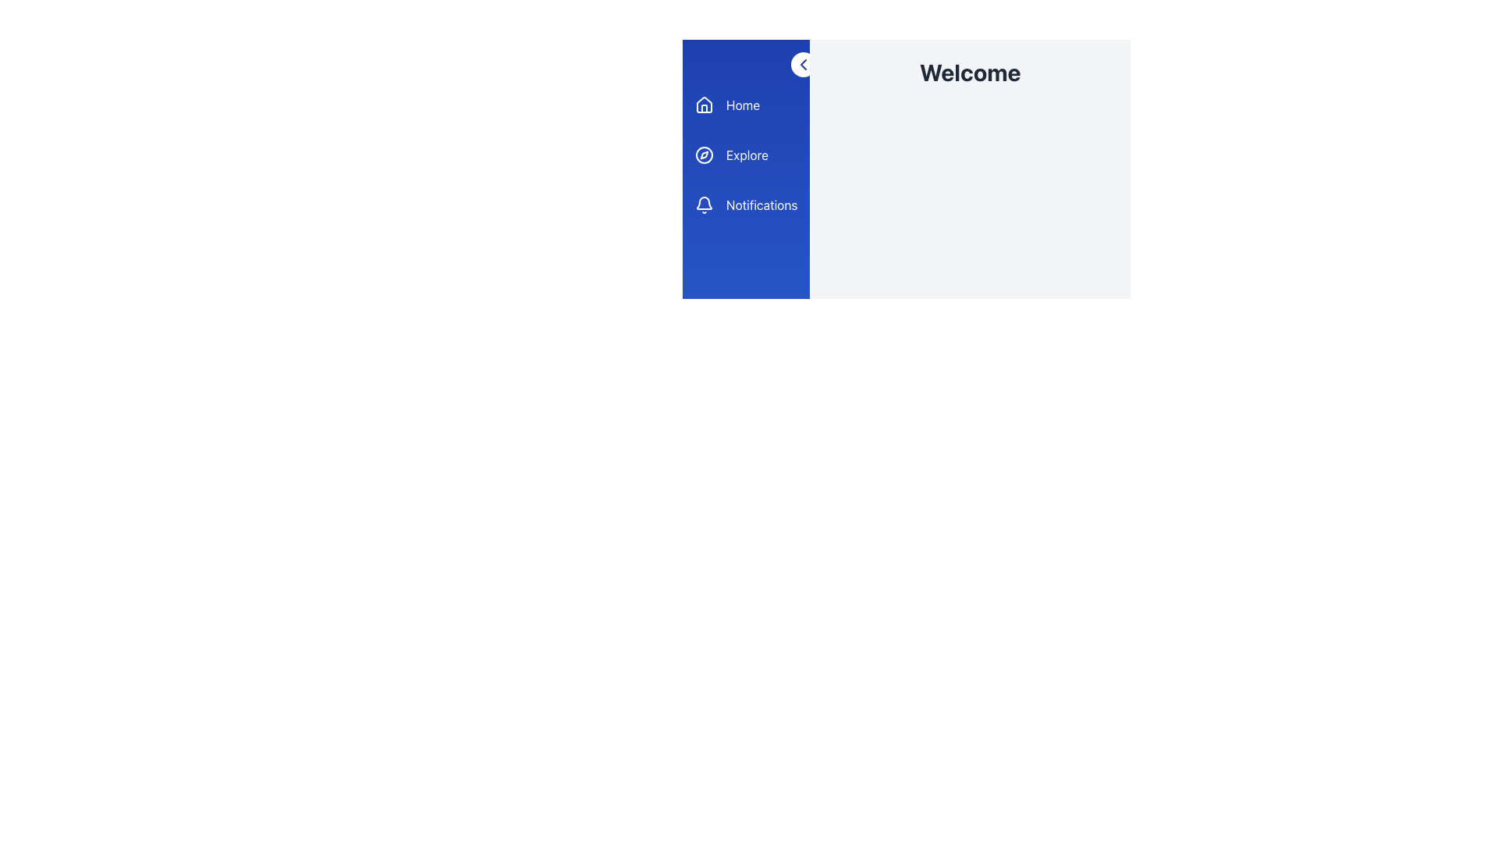  Describe the element at coordinates (703, 105) in the screenshot. I see `the 'Home' navigation icon located in the navigation menu at the top section, to the left of the 'Home' text label` at that location.